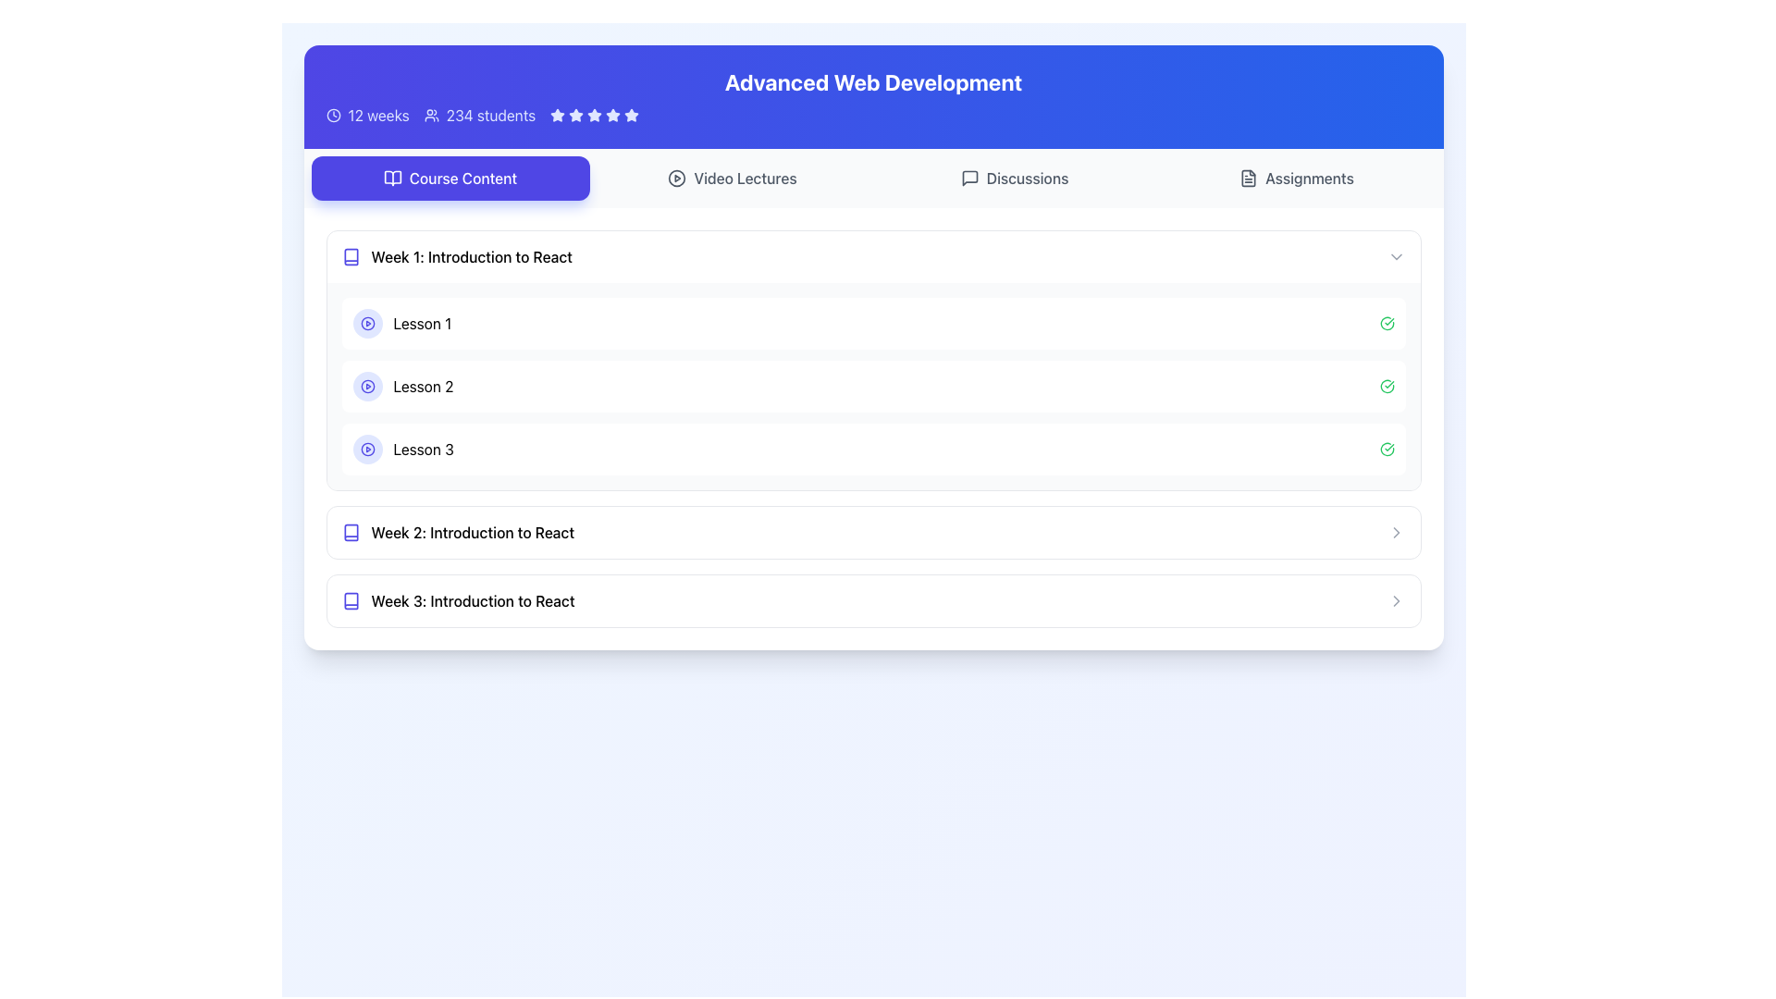  Describe the element at coordinates (632, 115) in the screenshot. I see `the fourth star-shaped rating icon, which is white against a blue background, located near the course title 'Advanced Web Development'` at that location.